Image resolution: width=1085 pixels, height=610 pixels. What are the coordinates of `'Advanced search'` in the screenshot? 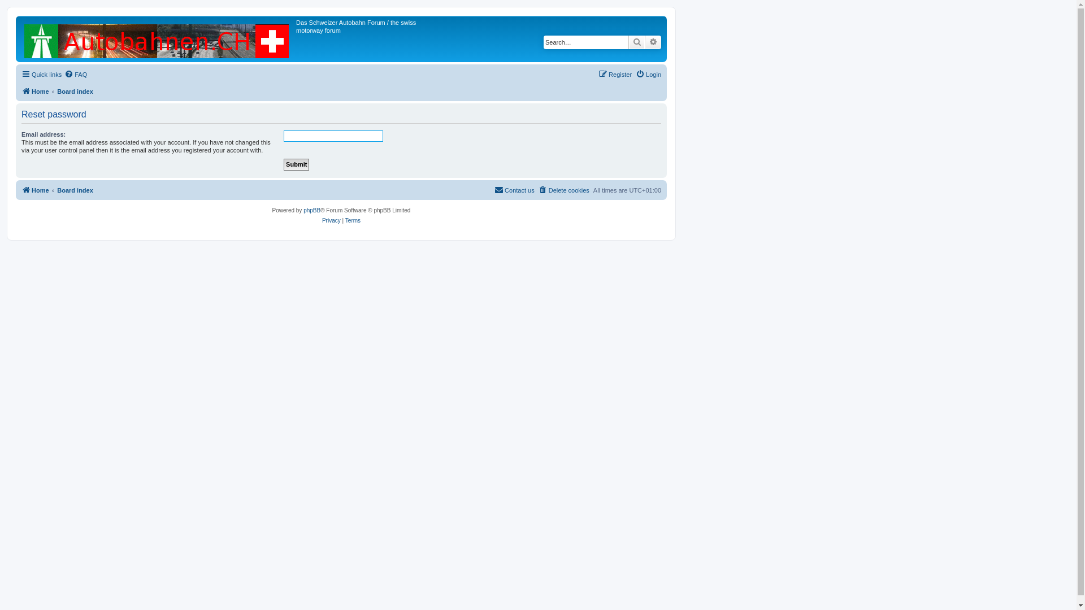 It's located at (653, 41).